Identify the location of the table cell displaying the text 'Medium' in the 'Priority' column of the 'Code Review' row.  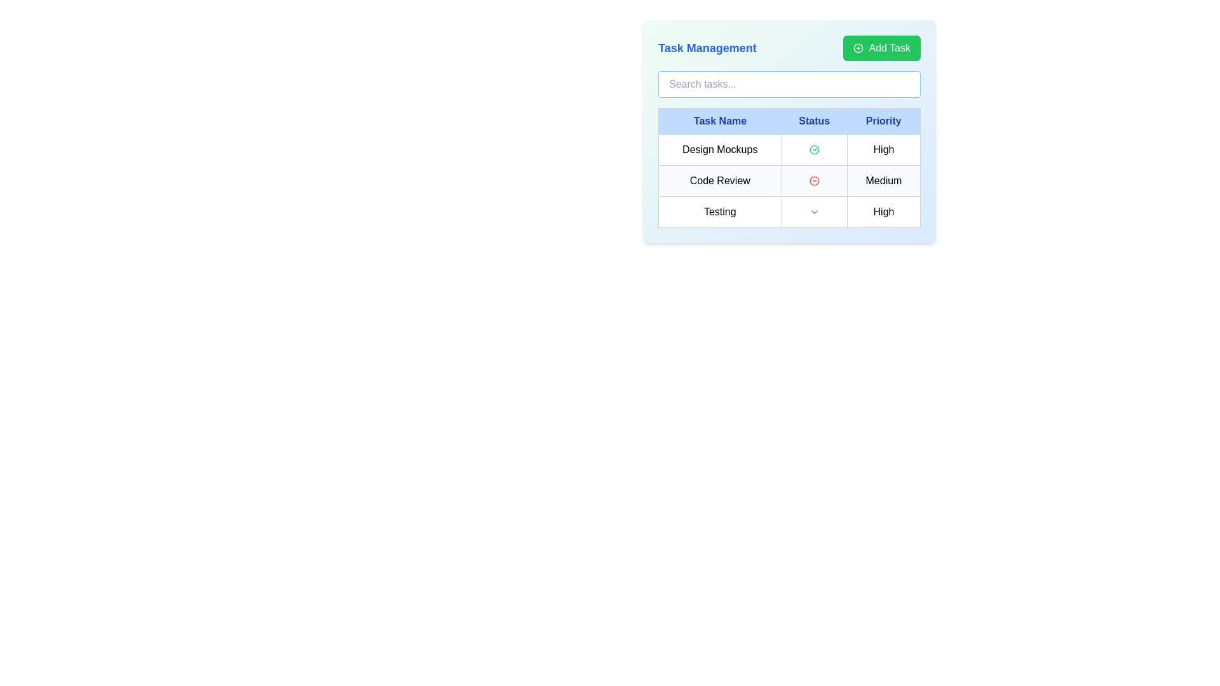
(883, 181).